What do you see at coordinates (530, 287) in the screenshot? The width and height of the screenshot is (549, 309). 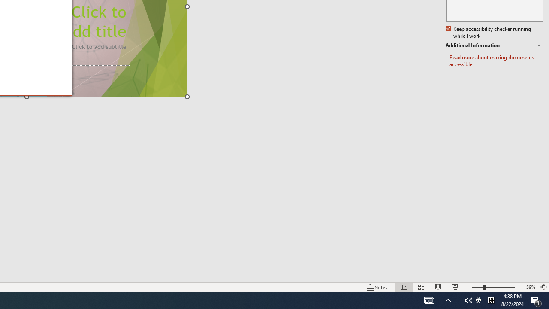 I see `'Zoom 59%'` at bounding box center [530, 287].